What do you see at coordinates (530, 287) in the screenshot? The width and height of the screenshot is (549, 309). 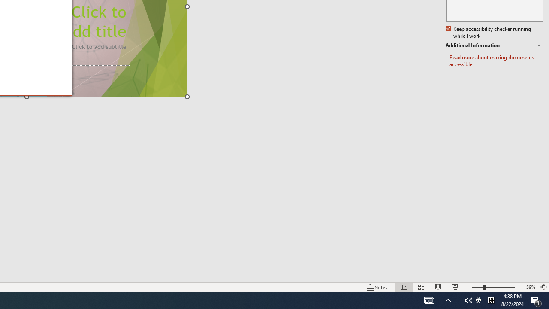 I see `'Zoom 59%'` at bounding box center [530, 287].